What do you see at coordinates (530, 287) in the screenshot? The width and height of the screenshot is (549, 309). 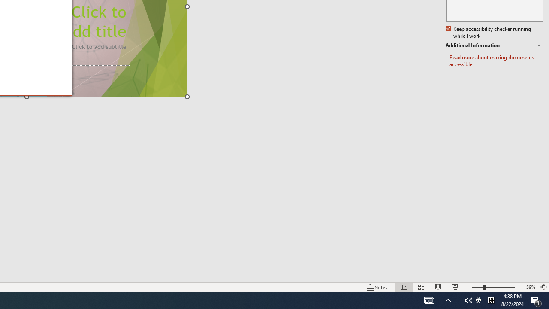 I see `'Zoom 59%'` at bounding box center [530, 287].